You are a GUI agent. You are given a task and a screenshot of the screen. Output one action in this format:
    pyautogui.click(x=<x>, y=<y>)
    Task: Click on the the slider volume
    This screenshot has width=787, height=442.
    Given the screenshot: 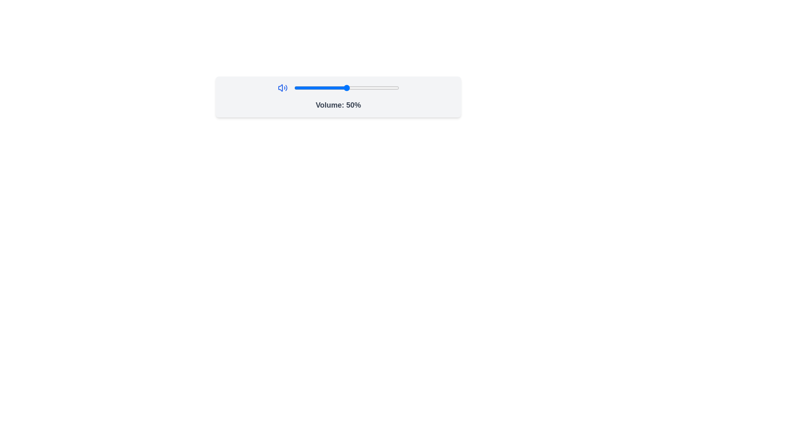 What is the action you would take?
    pyautogui.click(x=306, y=88)
    